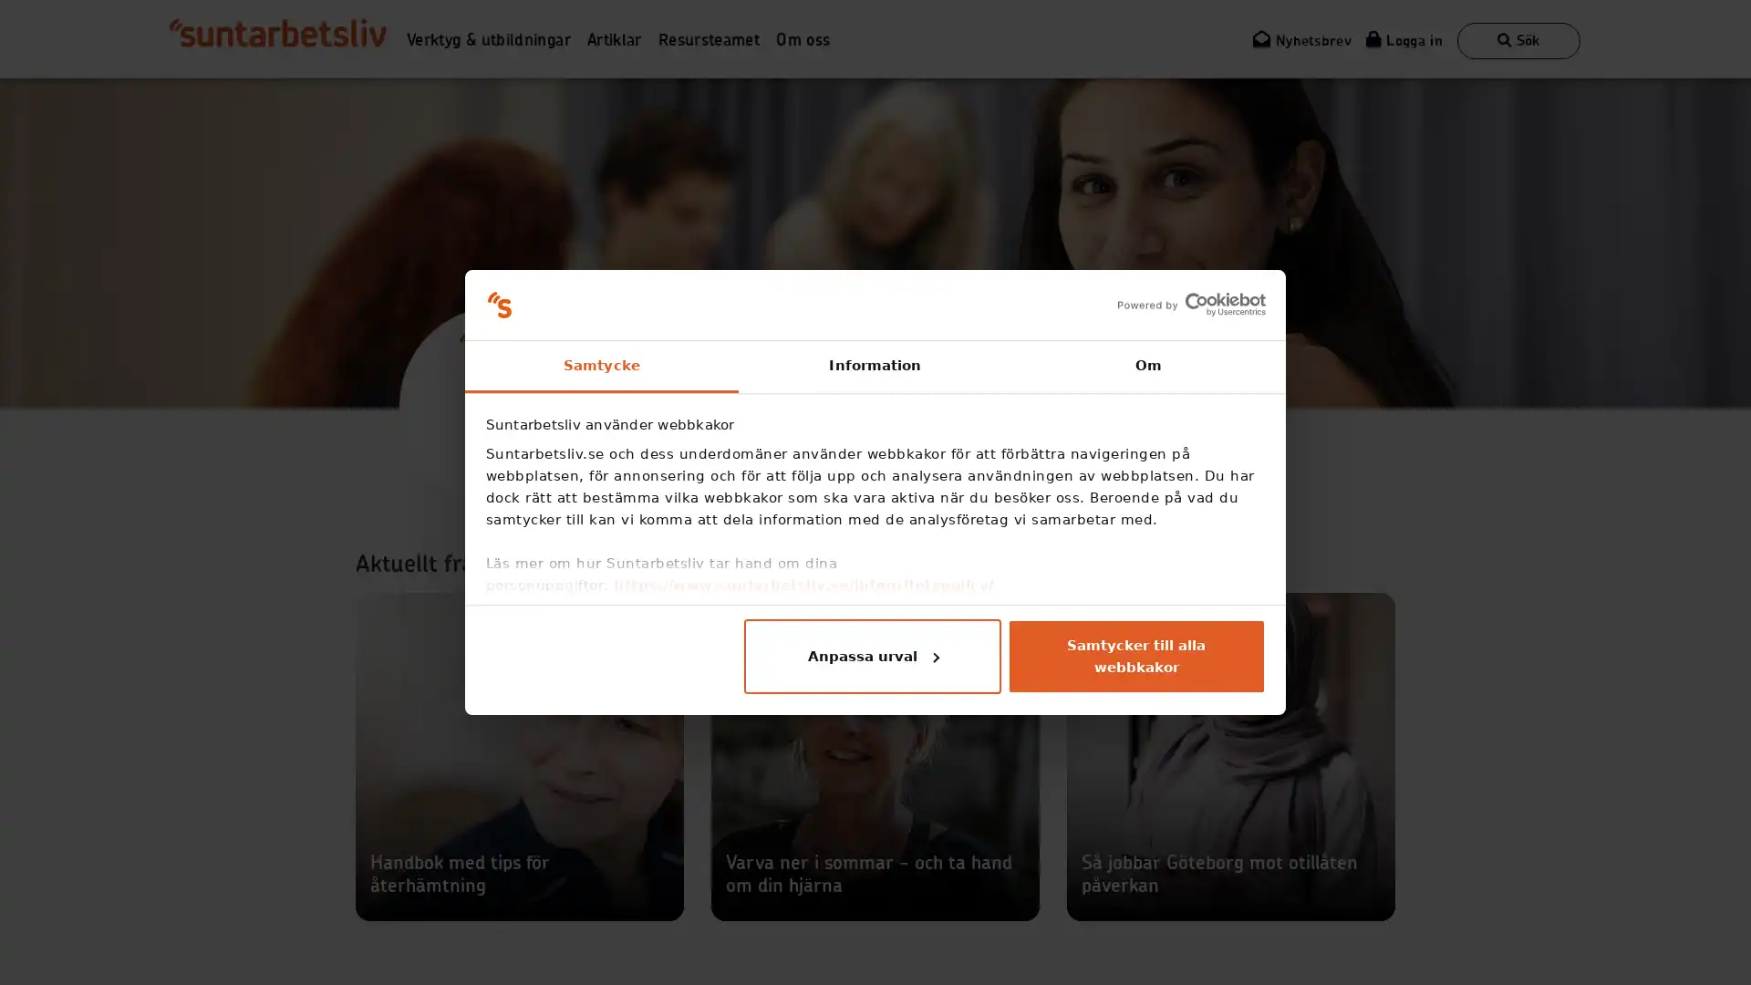 This screenshot has width=1751, height=985. I want to click on Visa sokruta Sok, so click(1518, 41).